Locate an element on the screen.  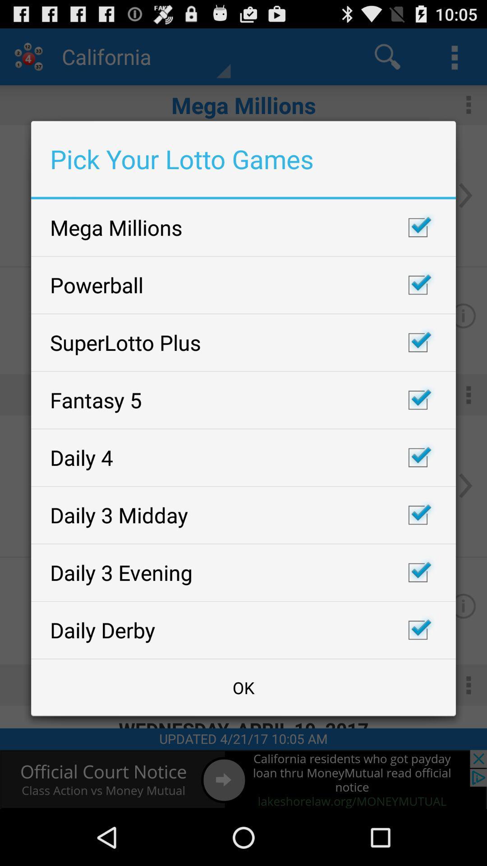
item below the daily derby checkbox is located at coordinates (243, 687).